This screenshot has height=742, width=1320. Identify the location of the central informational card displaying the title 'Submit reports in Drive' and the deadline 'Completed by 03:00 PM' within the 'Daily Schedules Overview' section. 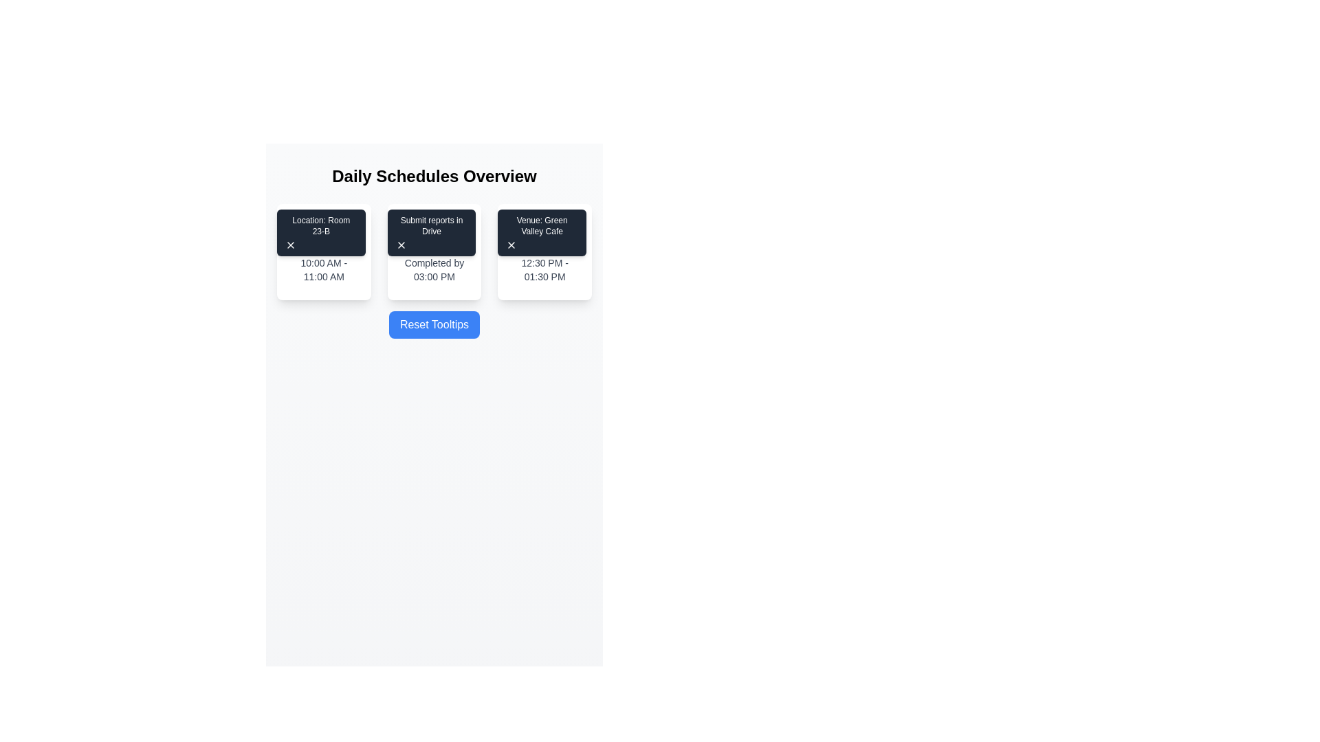
(434, 251).